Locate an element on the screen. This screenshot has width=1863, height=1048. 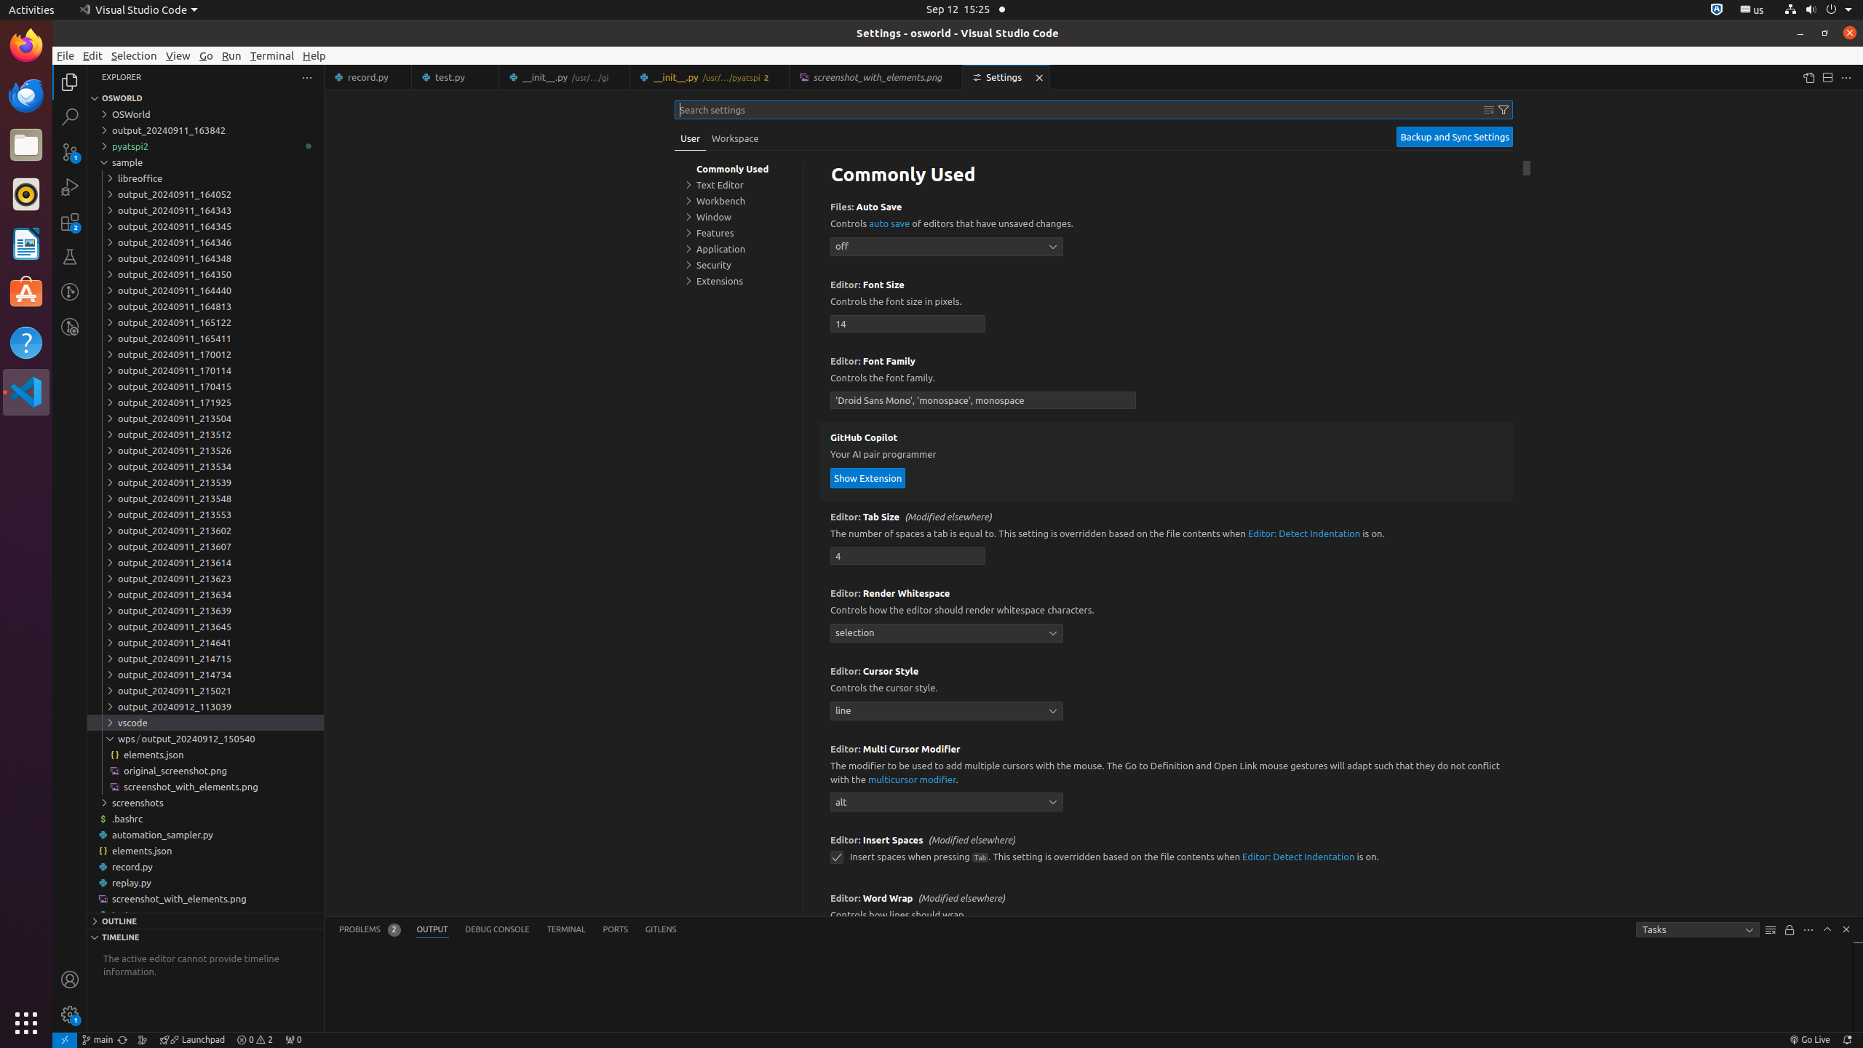
'replay.py' is located at coordinates (204, 883).